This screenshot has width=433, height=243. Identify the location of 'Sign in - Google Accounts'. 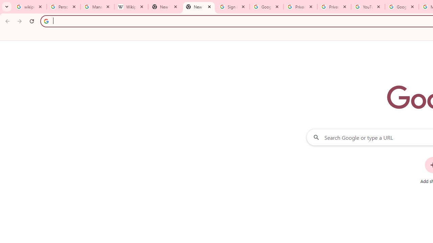
(233, 7).